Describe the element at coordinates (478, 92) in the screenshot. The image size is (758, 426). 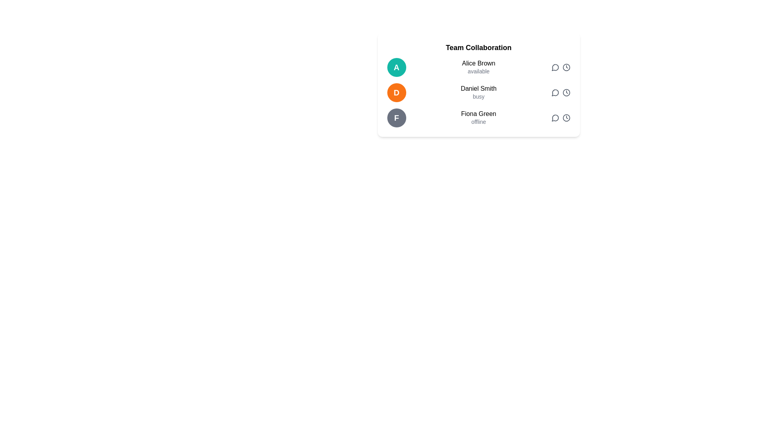
I see `the user profile representation of 'Daniel Smith', who is marked as 'busy'` at that location.